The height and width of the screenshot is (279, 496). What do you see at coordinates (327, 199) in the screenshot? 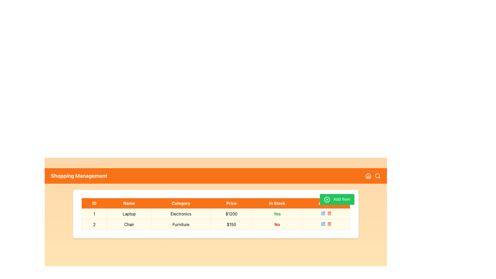
I see `the 'Add Item' icon located inside the green button in the top-right corner of the table listing items` at bounding box center [327, 199].